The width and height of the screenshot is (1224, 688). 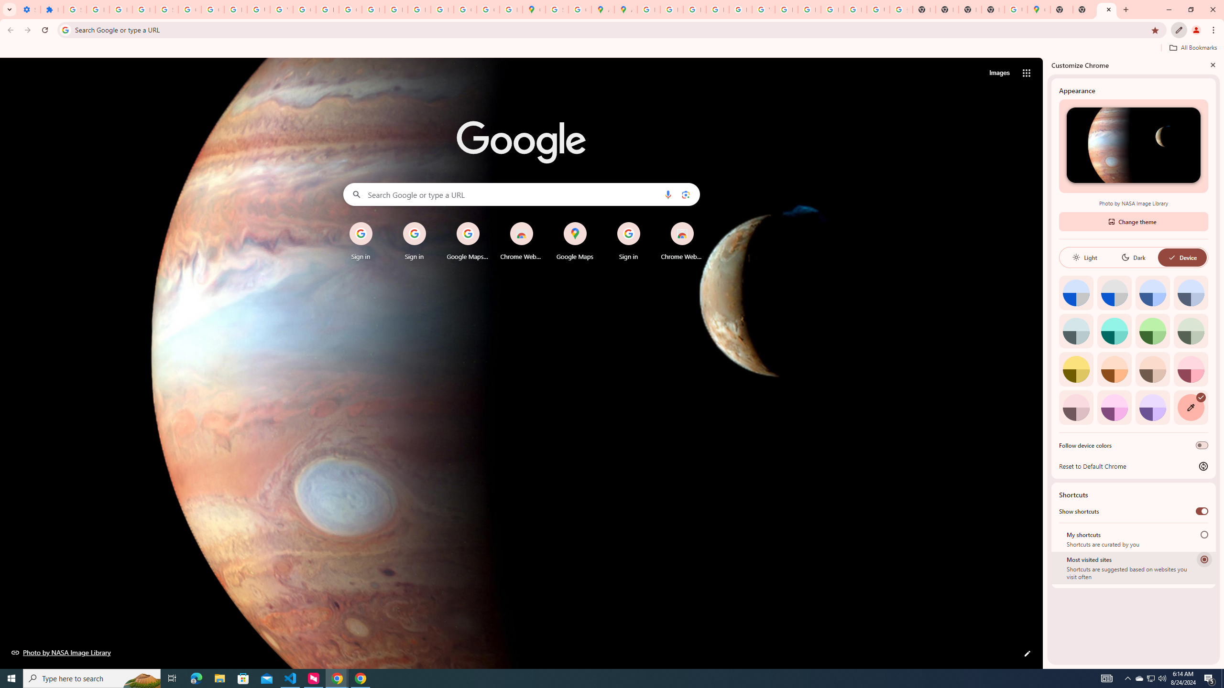 I want to click on 'Viridian', so click(x=1191, y=331).